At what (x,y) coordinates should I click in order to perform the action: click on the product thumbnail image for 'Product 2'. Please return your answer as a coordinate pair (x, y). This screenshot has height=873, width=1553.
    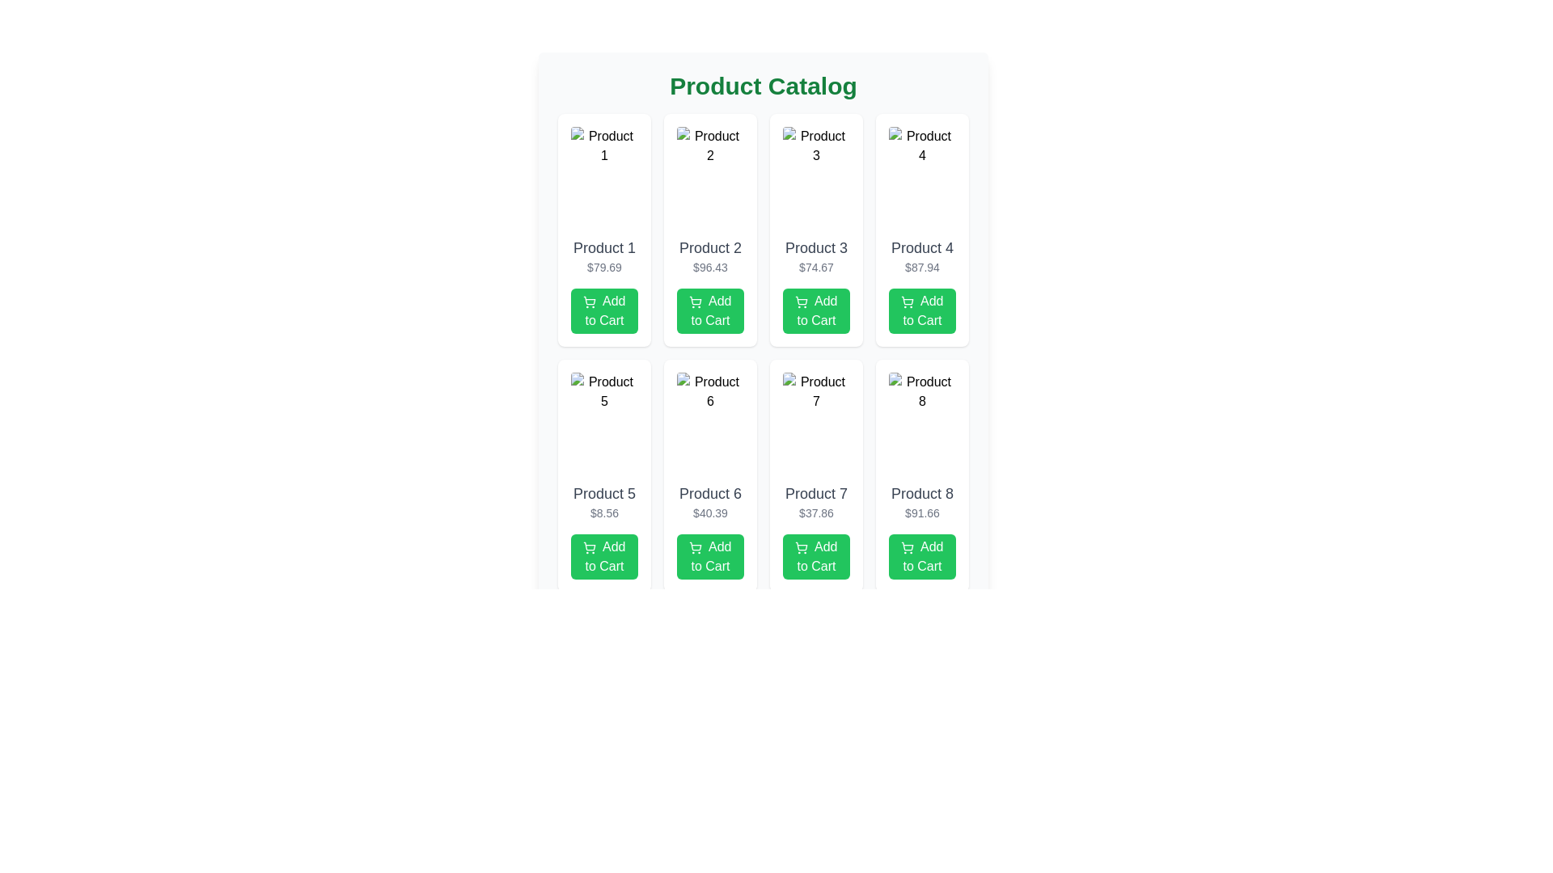
    Looking at the image, I should click on (710, 178).